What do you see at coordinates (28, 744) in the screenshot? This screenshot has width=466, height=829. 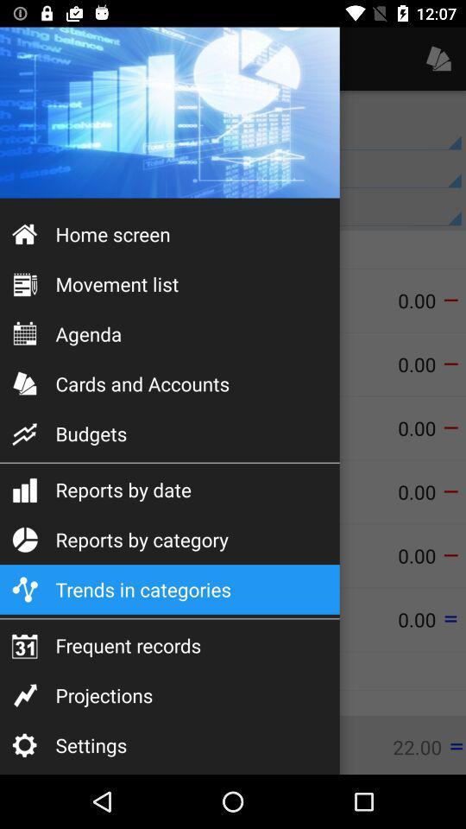 I see `the settings icon` at bounding box center [28, 744].